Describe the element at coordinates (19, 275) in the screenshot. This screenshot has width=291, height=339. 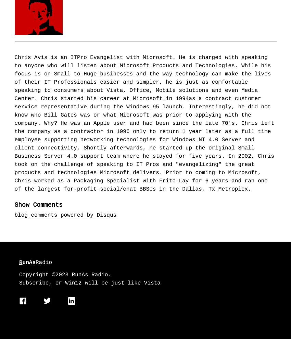
I see `'Copyright ©2023 RunAs Radio.'` at that location.